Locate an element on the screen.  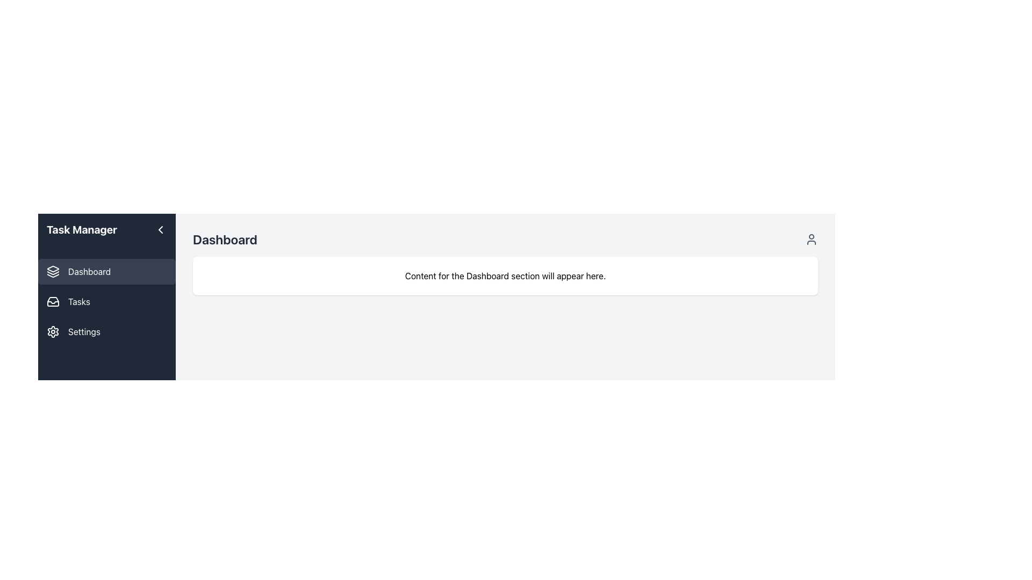
the settings navigation button located in the sidebar, which is the third item below the 'Tasks' button is located at coordinates (106, 331).